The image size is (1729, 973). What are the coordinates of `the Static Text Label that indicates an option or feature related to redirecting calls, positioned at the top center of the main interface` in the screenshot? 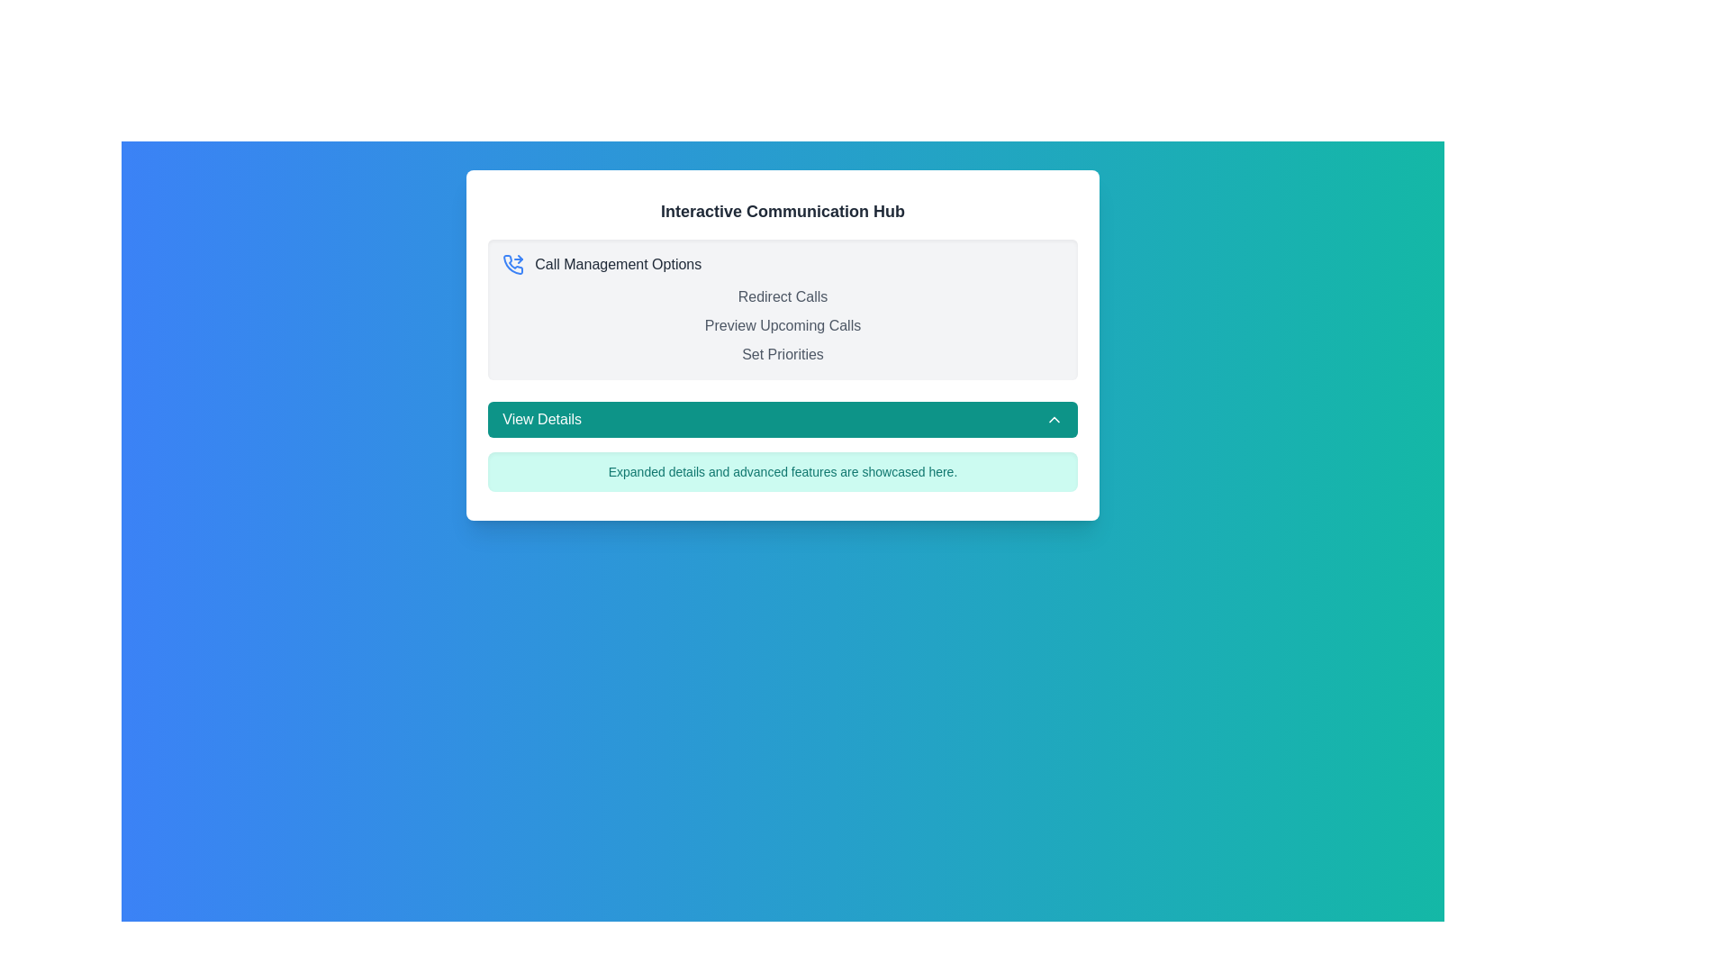 It's located at (783, 296).